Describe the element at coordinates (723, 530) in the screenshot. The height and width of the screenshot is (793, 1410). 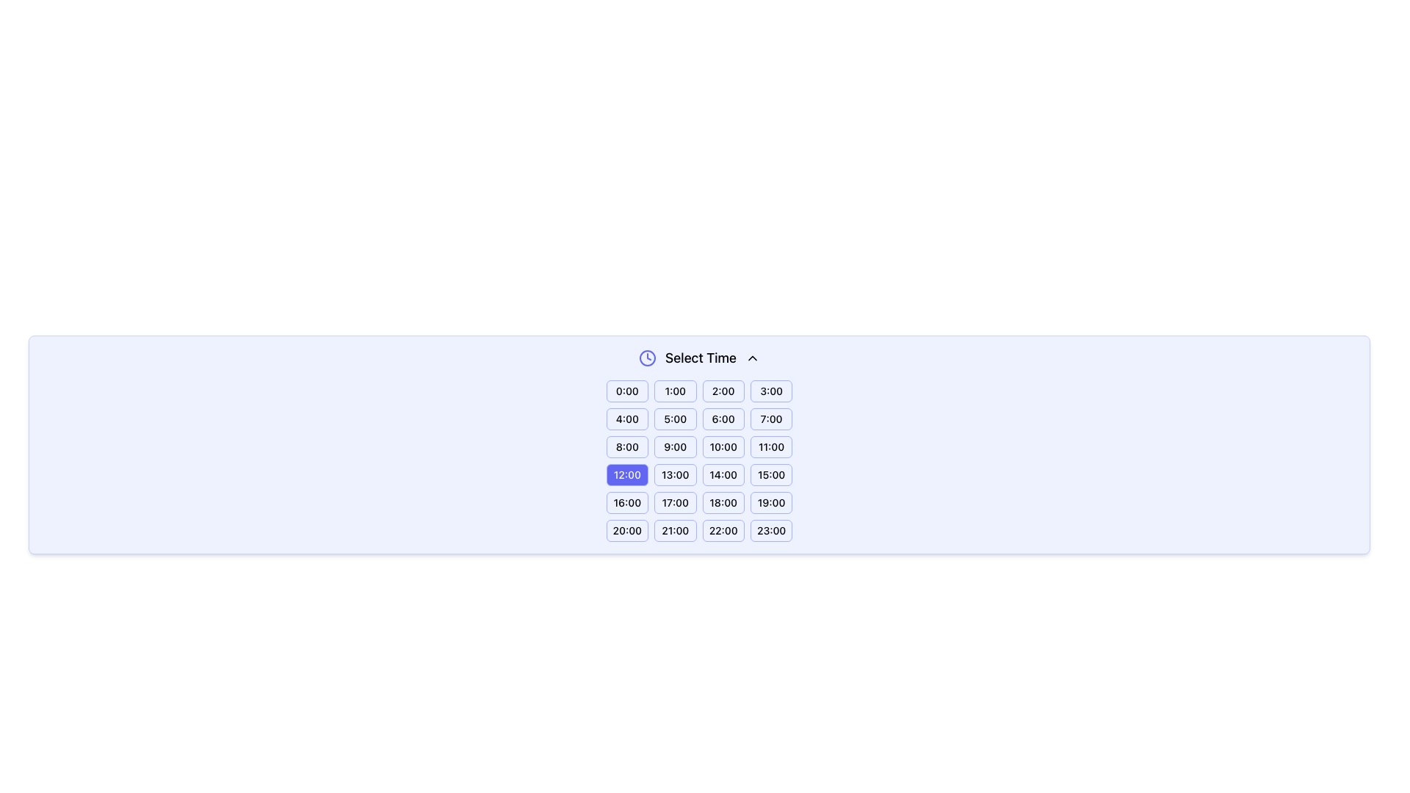
I see `the time selection button located in the bottom row, third column` at that location.